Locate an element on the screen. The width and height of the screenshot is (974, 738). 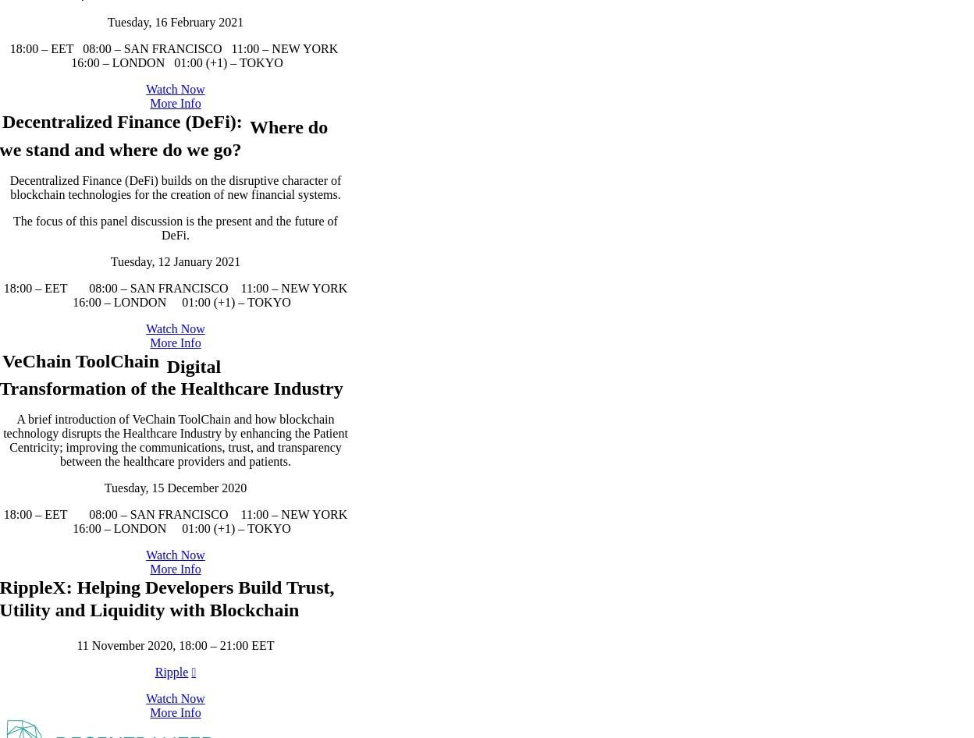
'VeChain ToolChain' is located at coordinates (79, 517).